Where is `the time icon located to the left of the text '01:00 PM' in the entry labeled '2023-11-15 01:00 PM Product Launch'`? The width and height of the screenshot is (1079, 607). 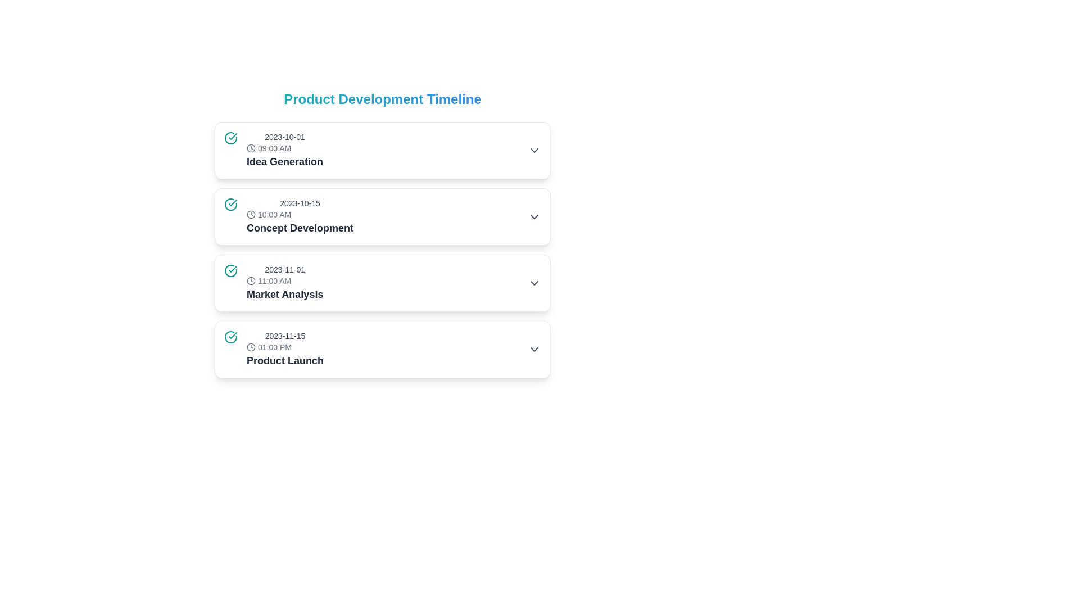 the time icon located to the left of the text '01:00 PM' in the entry labeled '2023-11-15 01:00 PM Product Launch' is located at coordinates (250, 346).